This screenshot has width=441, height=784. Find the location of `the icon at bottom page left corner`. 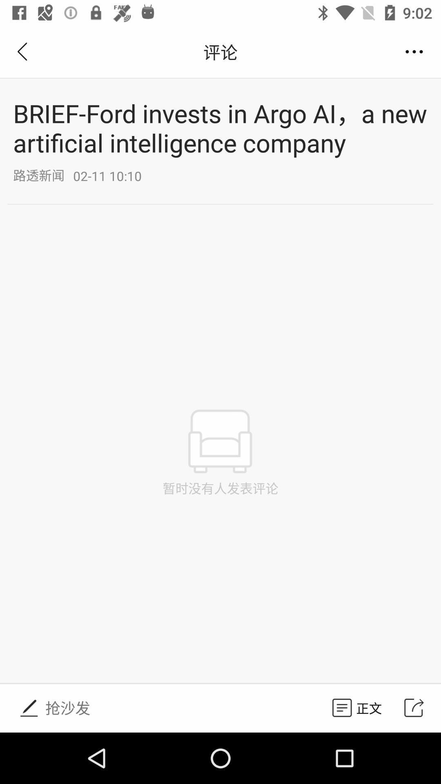

the icon at bottom page left corner is located at coordinates (29, 708).